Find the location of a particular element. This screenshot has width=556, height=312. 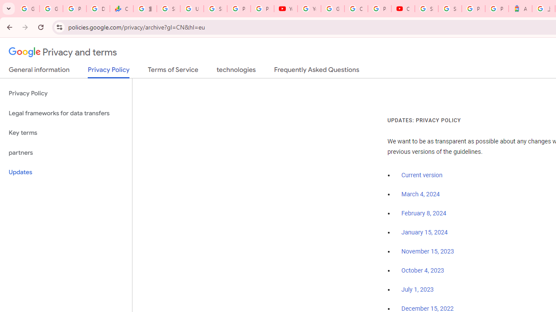

'Frequently Asked Questions' is located at coordinates (316, 71).